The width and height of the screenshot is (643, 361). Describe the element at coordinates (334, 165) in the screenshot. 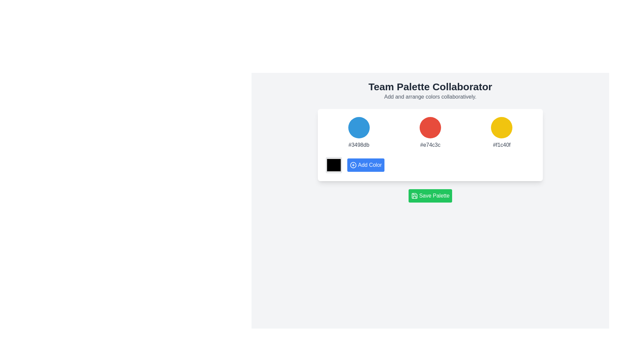

I see `the Color Picker element with a black background and gray border` at that location.